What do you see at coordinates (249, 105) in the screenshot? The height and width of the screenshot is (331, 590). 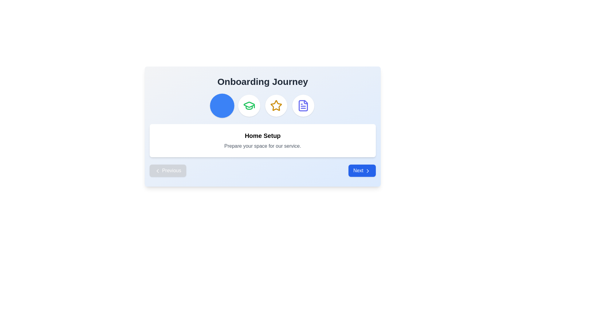 I see `the second circular button in a row of four, positioned above the 'Home Setup' text` at bounding box center [249, 105].